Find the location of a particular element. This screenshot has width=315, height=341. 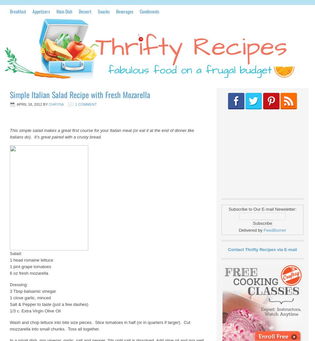

'Salad:' is located at coordinates (15, 253).